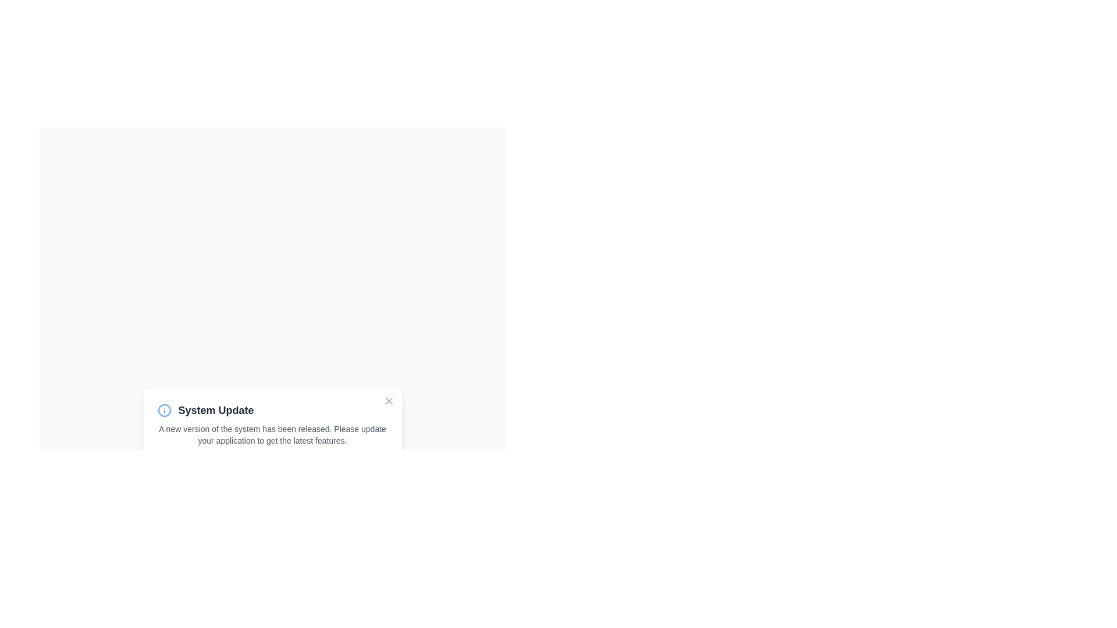  I want to click on the close button located at the top-right corner of the 'System Update' dialog box, so click(389, 401).